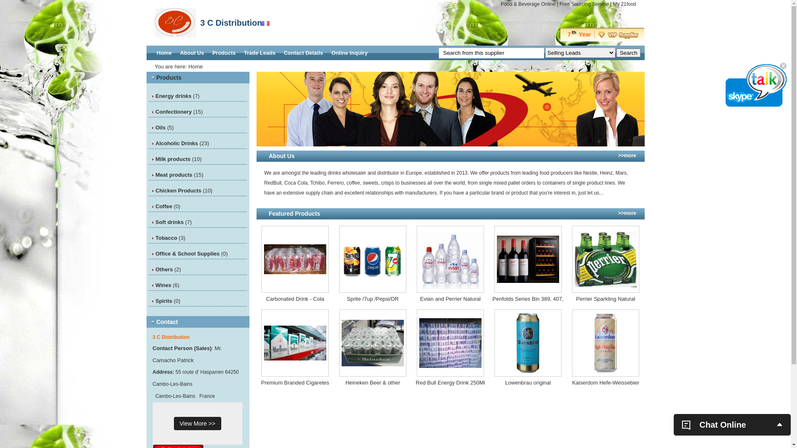 This screenshot has width=797, height=448. I want to click on 'Products', so click(168, 77).